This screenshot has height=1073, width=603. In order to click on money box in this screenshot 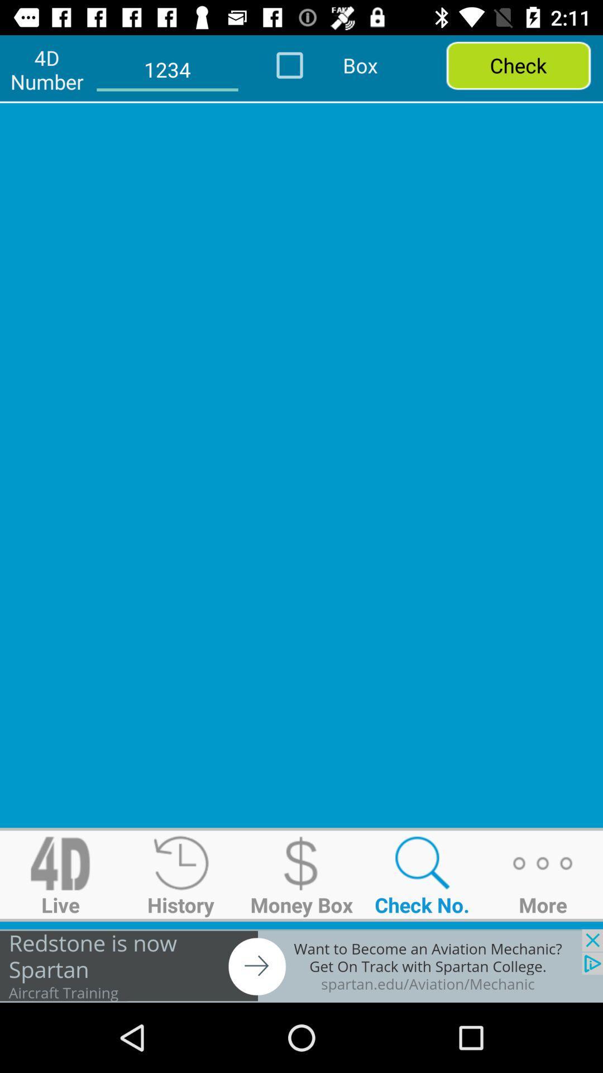, I will do `click(301, 863)`.